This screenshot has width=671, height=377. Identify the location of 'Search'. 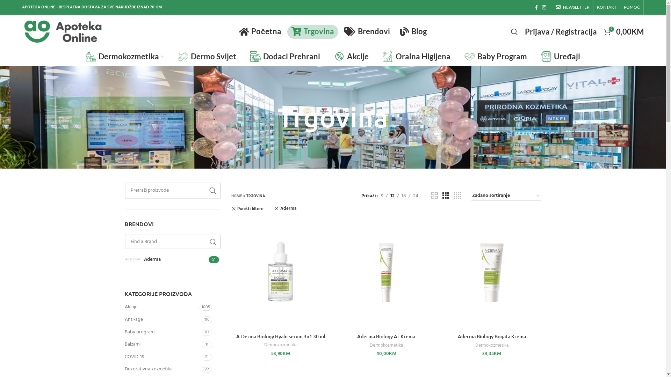
(514, 31).